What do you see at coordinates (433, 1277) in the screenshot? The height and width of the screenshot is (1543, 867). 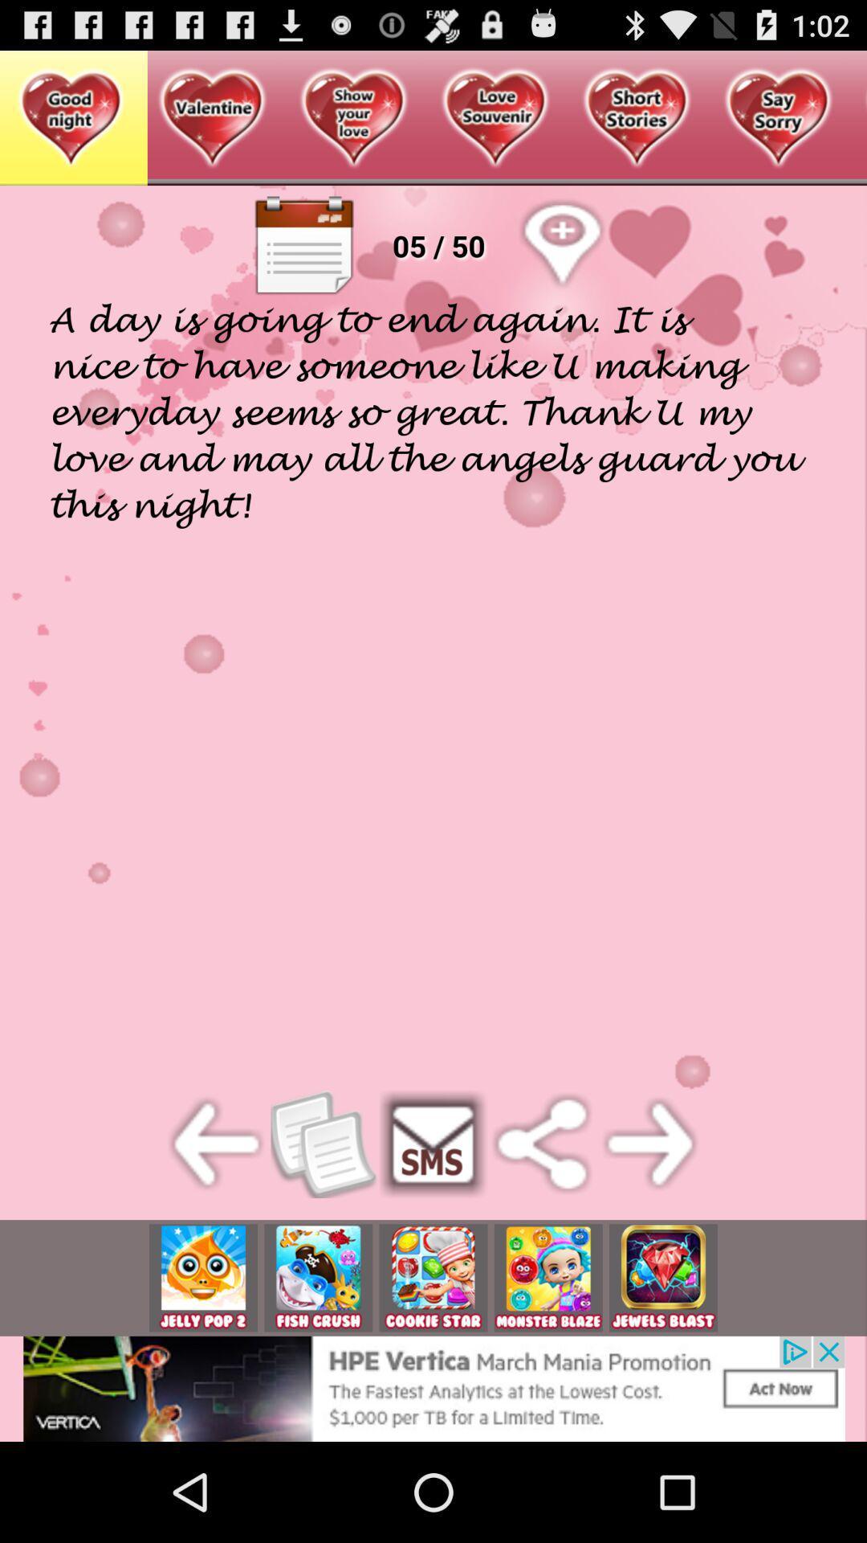 I see `pick the option` at bounding box center [433, 1277].